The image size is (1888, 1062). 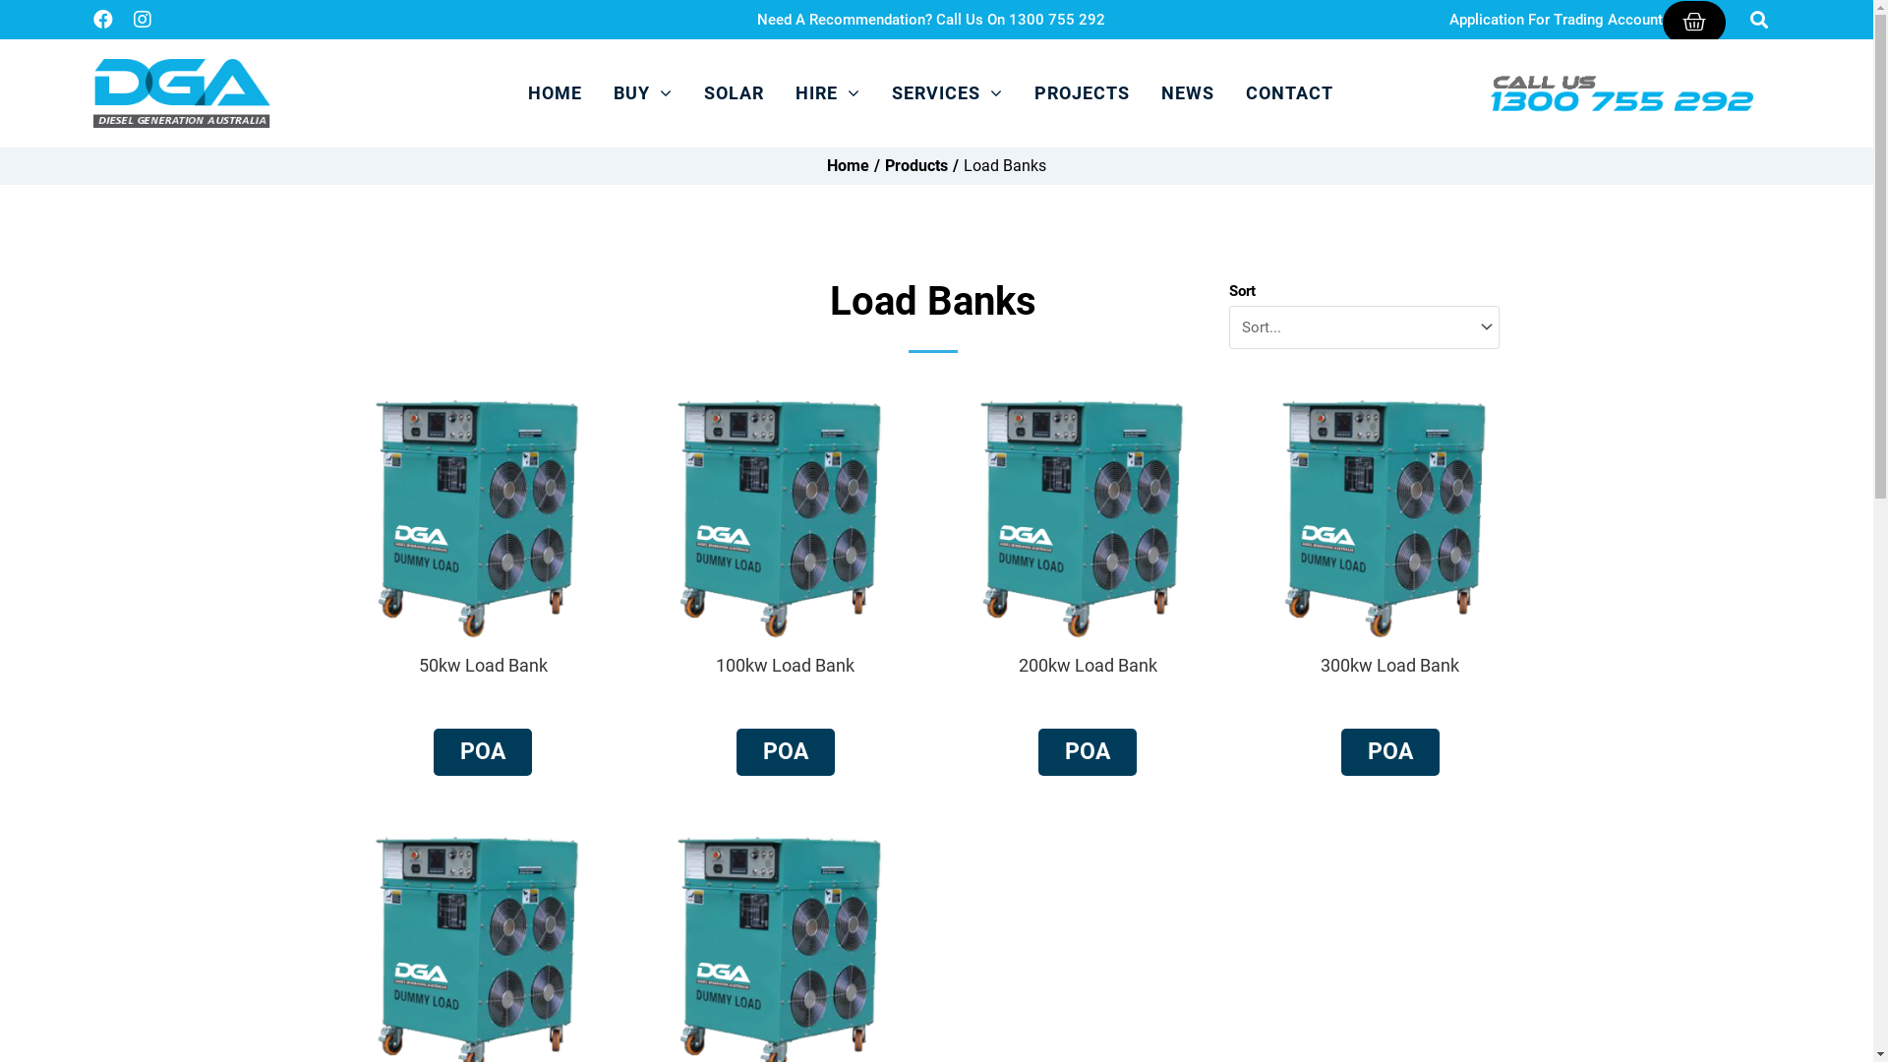 What do you see at coordinates (1693, 22) in the screenshot?
I see `'Cart'` at bounding box center [1693, 22].